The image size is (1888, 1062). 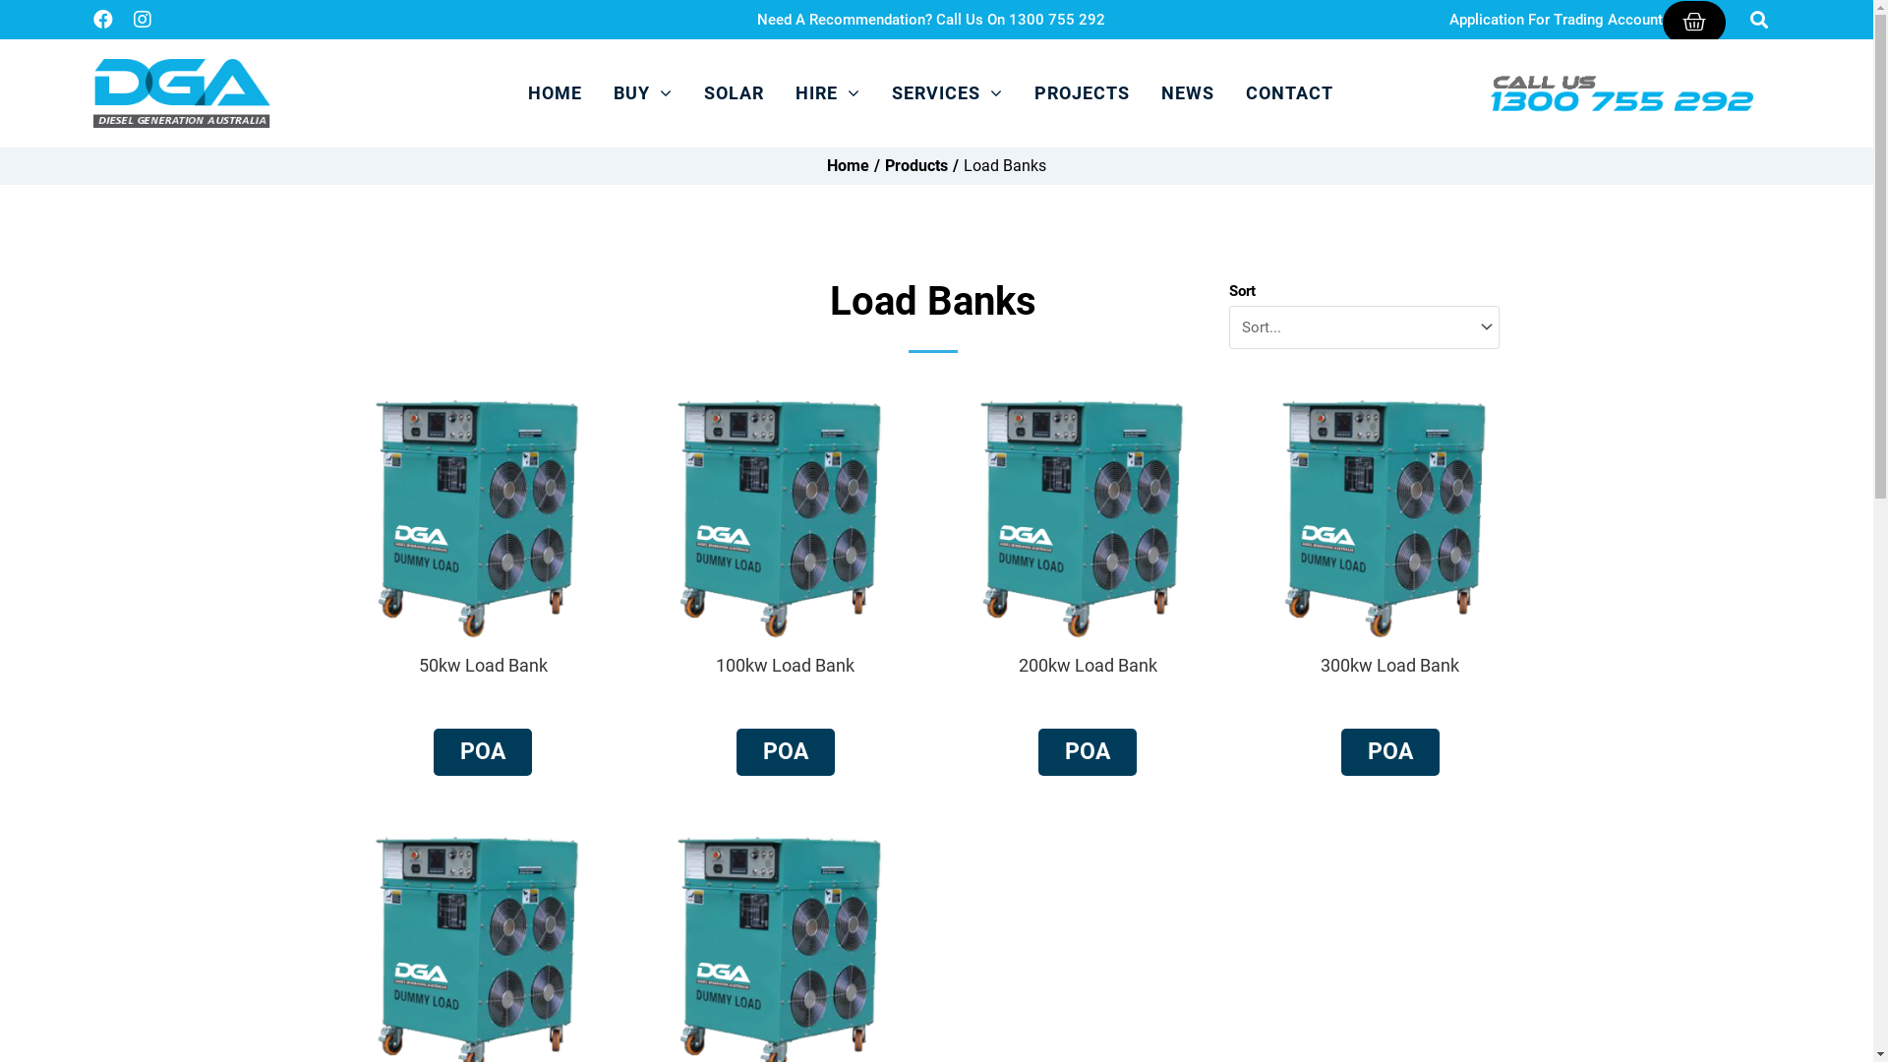 What do you see at coordinates (1693, 22) in the screenshot?
I see `'Cart'` at bounding box center [1693, 22].